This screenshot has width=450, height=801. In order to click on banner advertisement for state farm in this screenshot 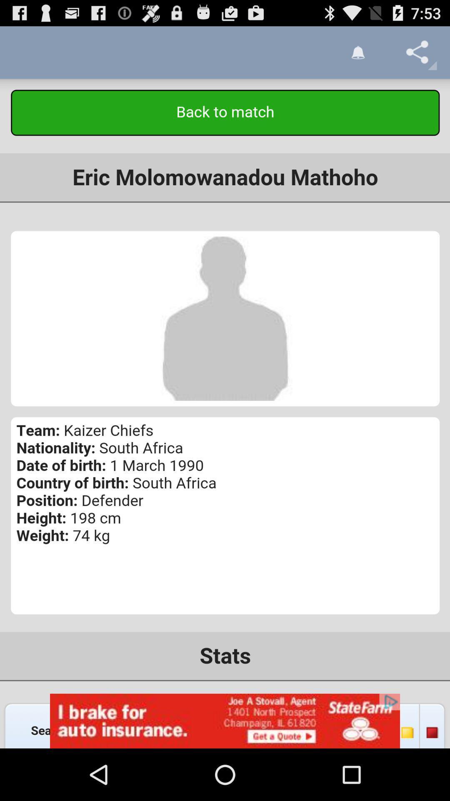, I will do `click(225, 720)`.